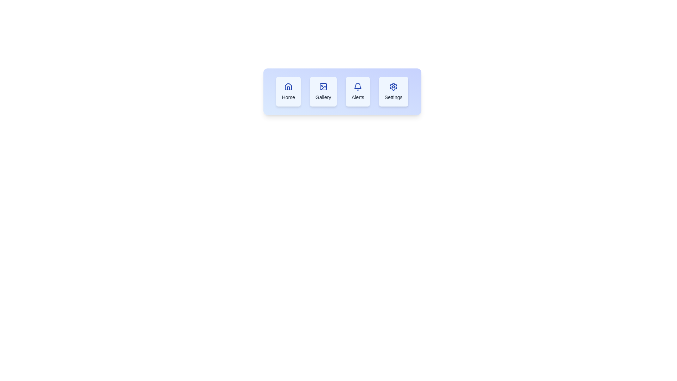 The image size is (677, 381). What do you see at coordinates (288, 86) in the screenshot?
I see `the house-shaped icon located at the leftmost position in the horizontal menu bar under the 'Home' label` at bounding box center [288, 86].